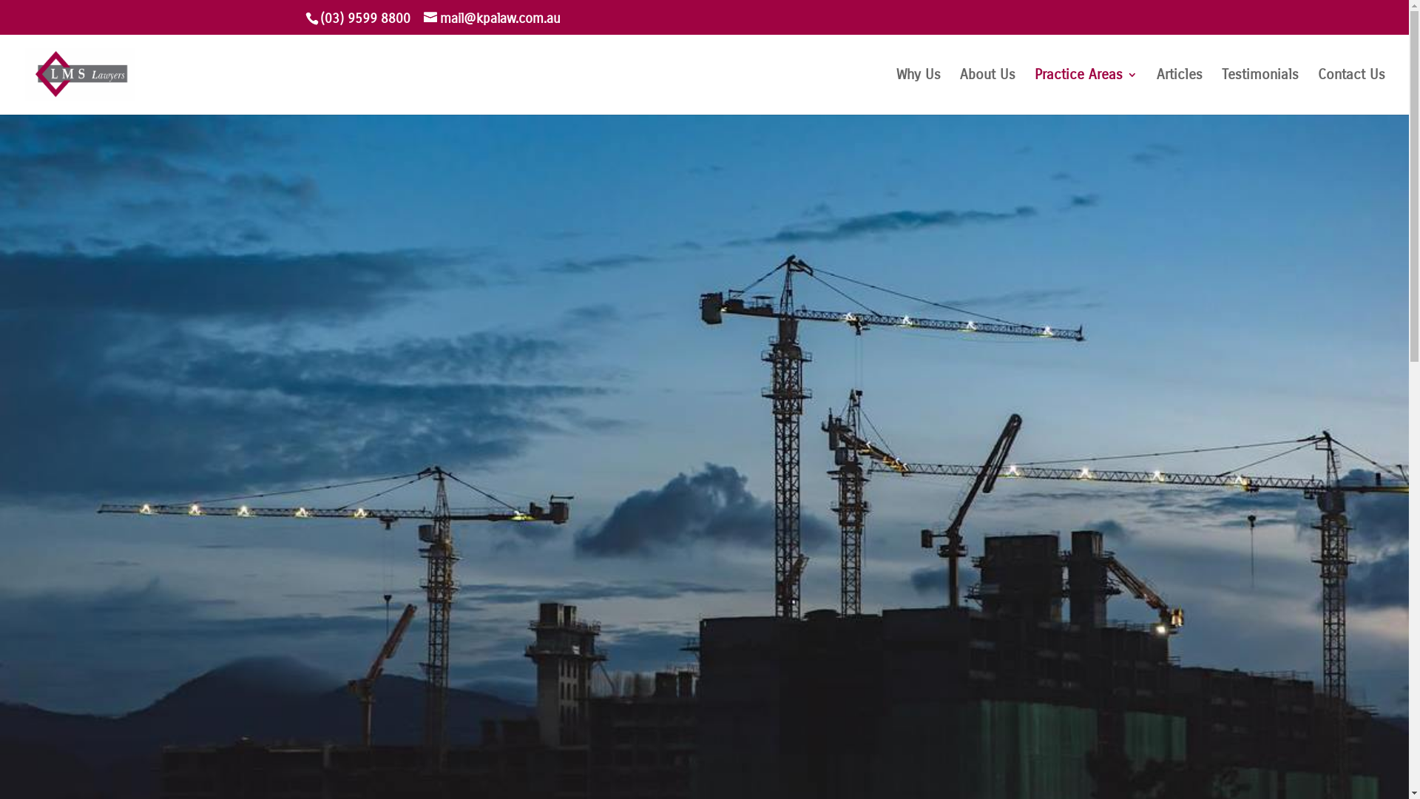 Image resolution: width=1420 pixels, height=799 pixels. What do you see at coordinates (1317, 92) in the screenshot?
I see `'Contact Us'` at bounding box center [1317, 92].